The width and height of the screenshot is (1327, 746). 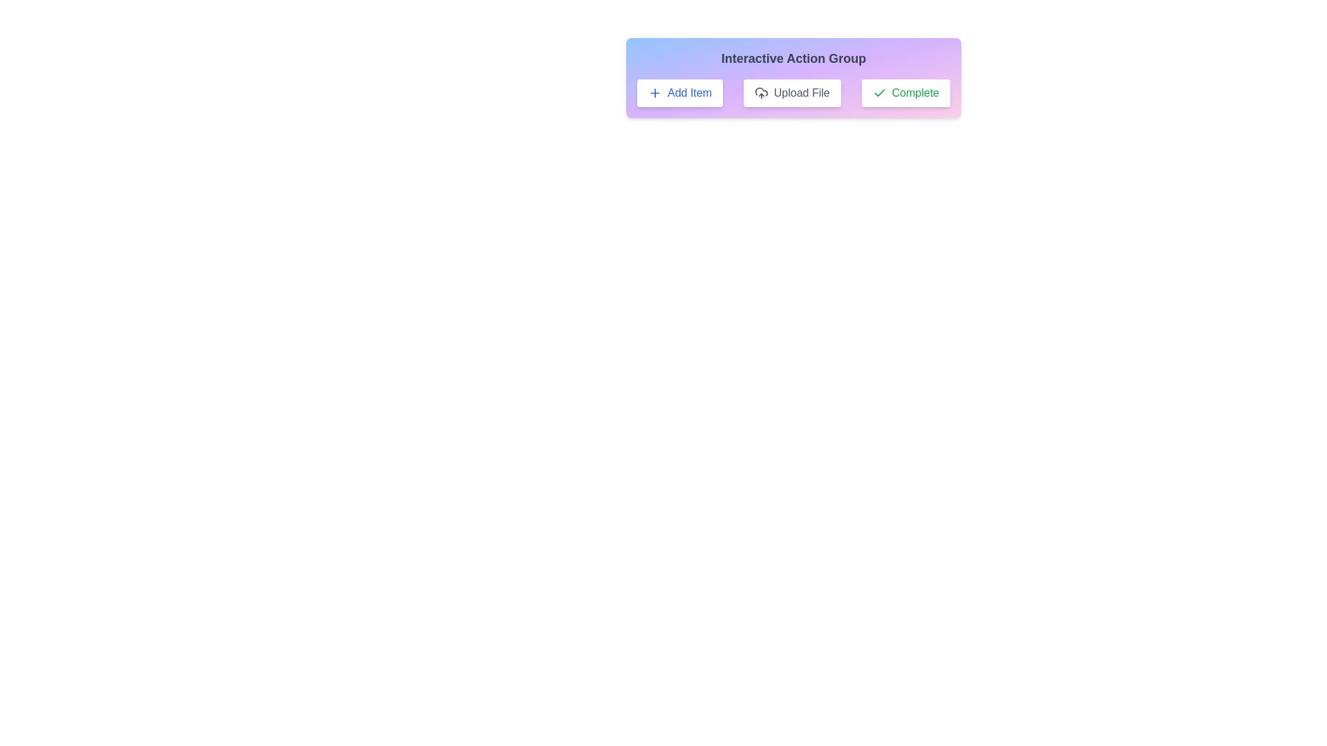 What do you see at coordinates (802, 93) in the screenshot?
I see `the 'Upload File' text element, which is part of an action button located centrally in the interface, adjacent to a cloud upload icon` at bounding box center [802, 93].